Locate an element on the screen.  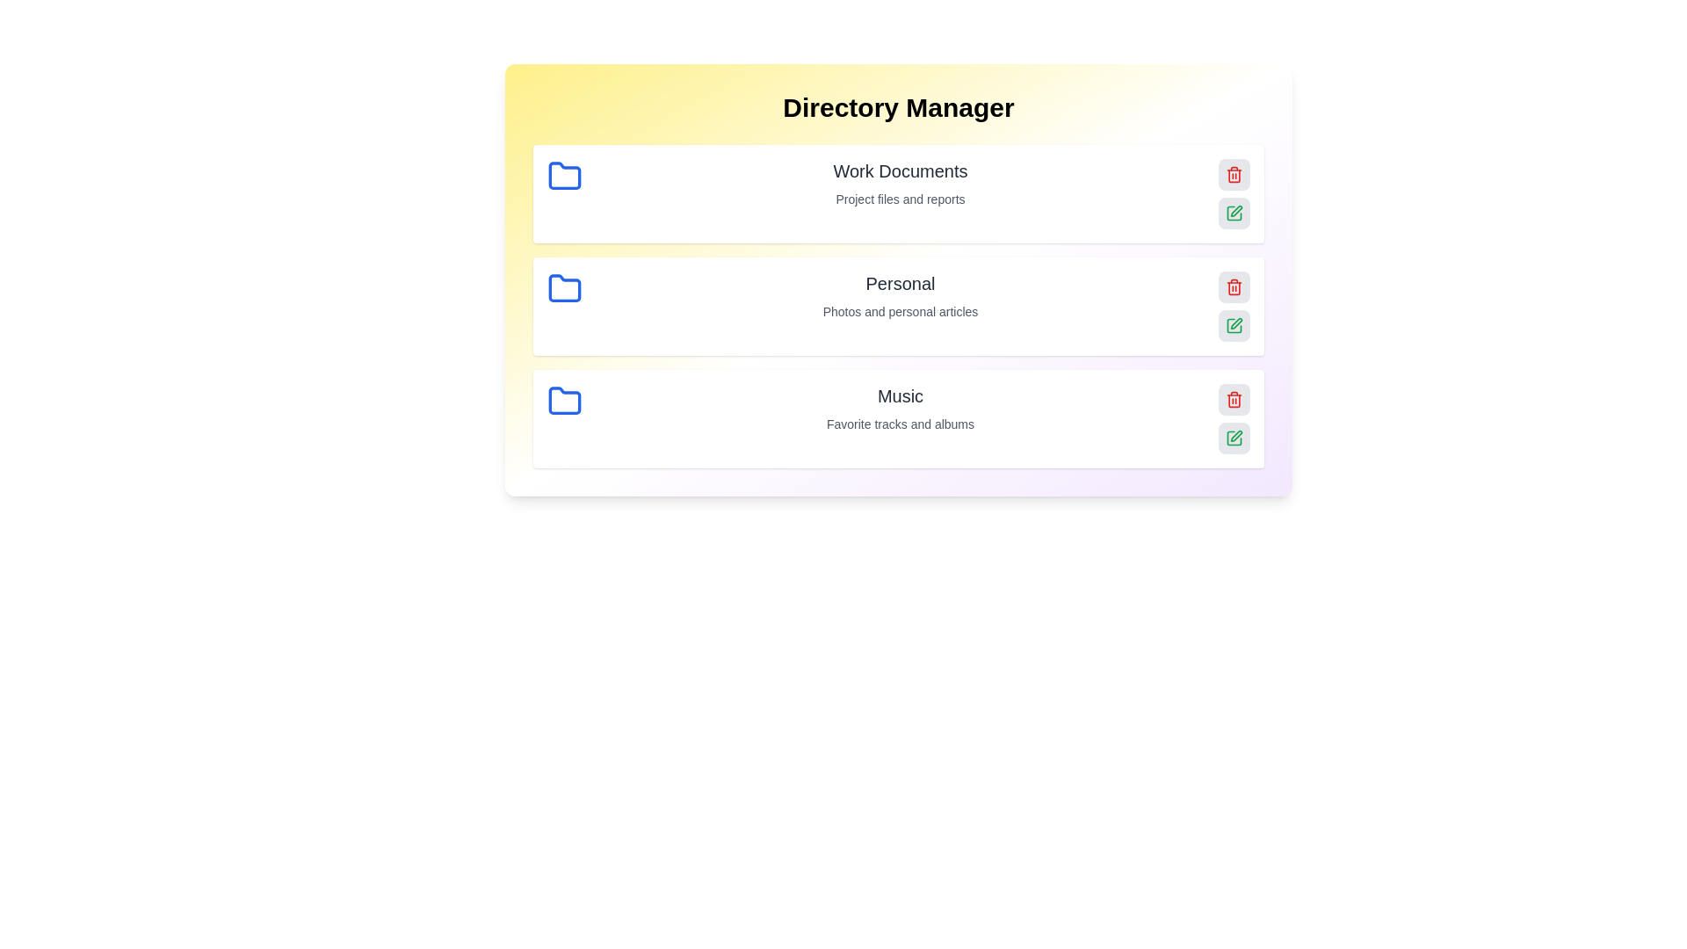
the delete button for the folder named Personal is located at coordinates (1234, 286).